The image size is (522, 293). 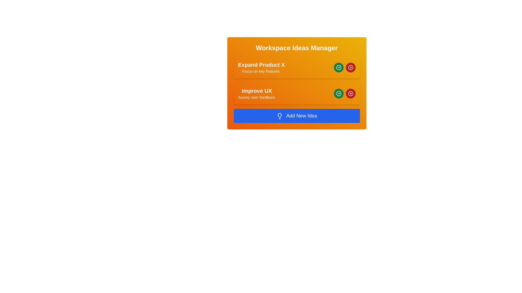 I want to click on the confirmation button located to the right of the 'Expand Product X' text section, which is the first of two interactive circular buttons and is positioned directly left of a similar red button with a cross icon, so click(x=338, y=67).